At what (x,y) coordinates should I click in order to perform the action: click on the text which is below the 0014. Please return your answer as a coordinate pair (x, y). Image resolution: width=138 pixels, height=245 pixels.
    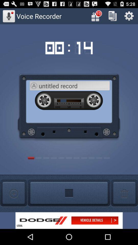
    Looking at the image, I should click on (74, 86).